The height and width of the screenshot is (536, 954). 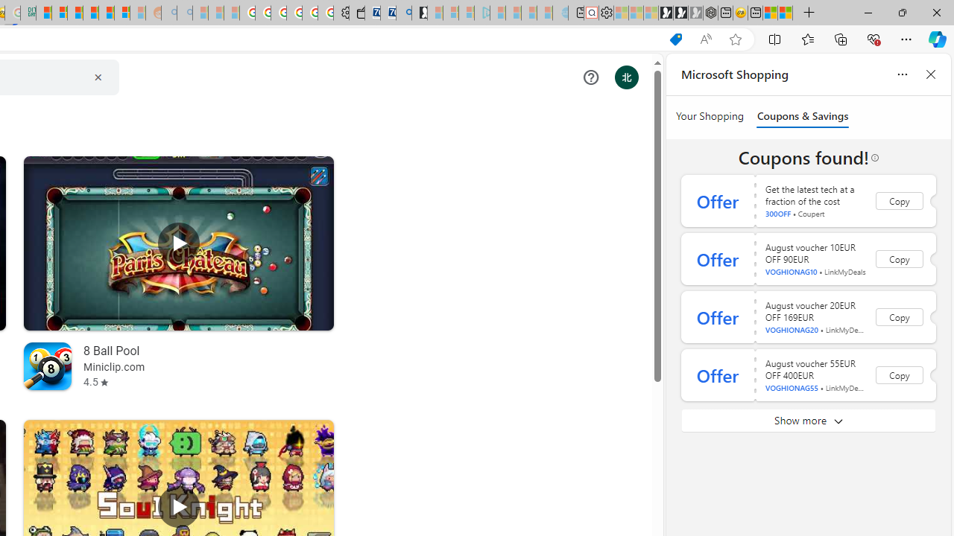 I want to click on 'Home | Sky Blue Bikes - Sky Blue Bikes - Sleeping', so click(x=560, y=13).